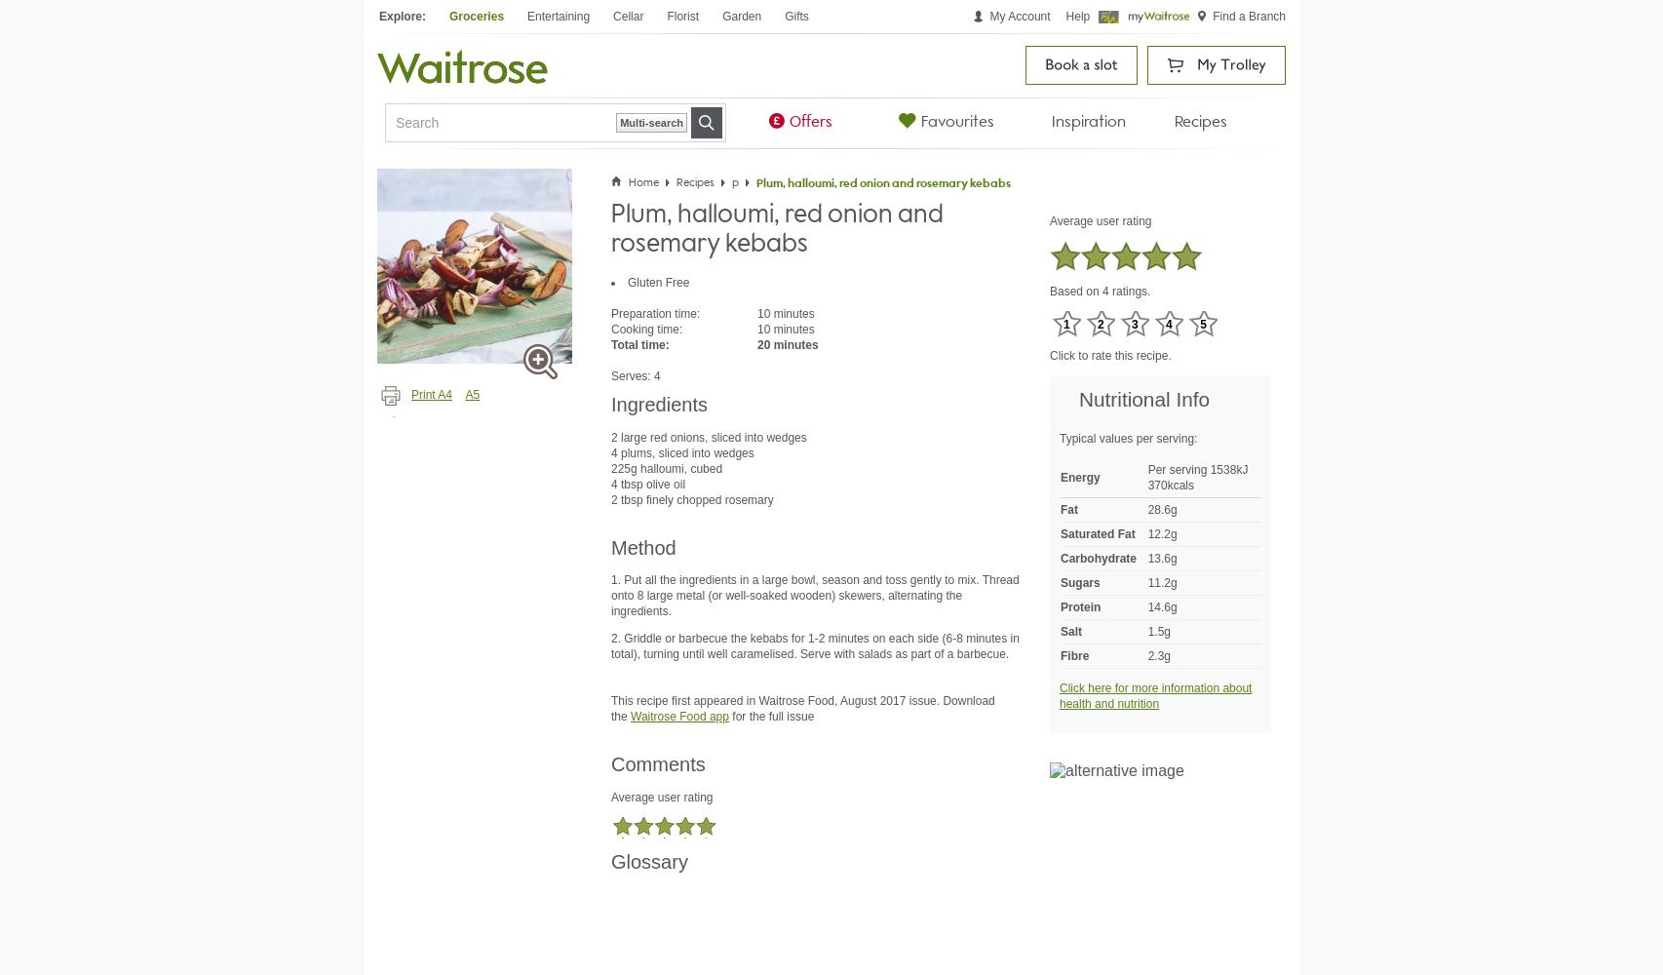  I want to click on 'Gluten Free', so click(627, 283).